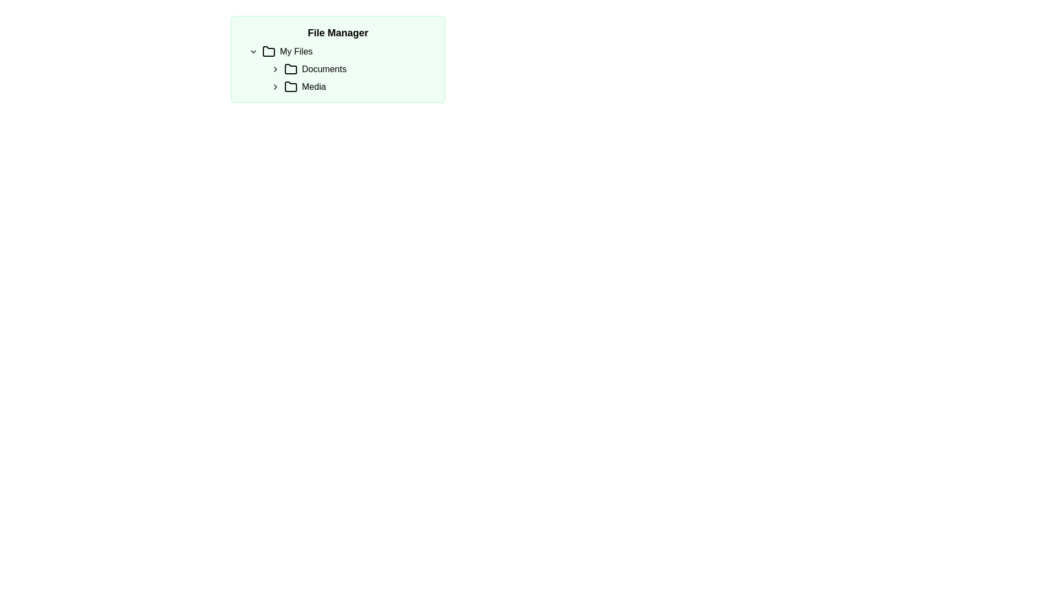 This screenshot has height=595, width=1058. I want to click on the 'Media' label with the folder icon, so click(305, 86).